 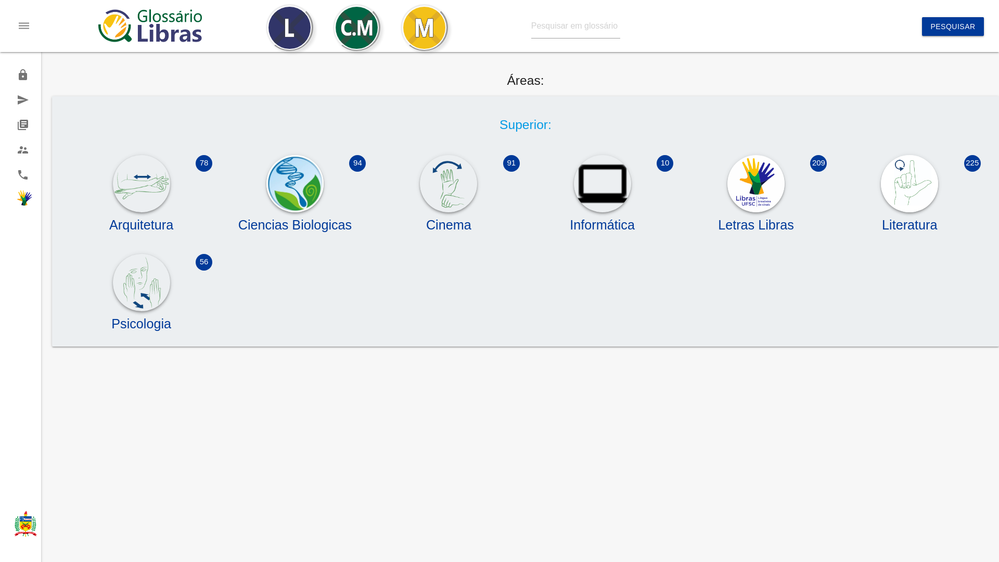 What do you see at coordinates (909, 220) in the screenshot?
I see `'225` at bounding box center [909, 220].